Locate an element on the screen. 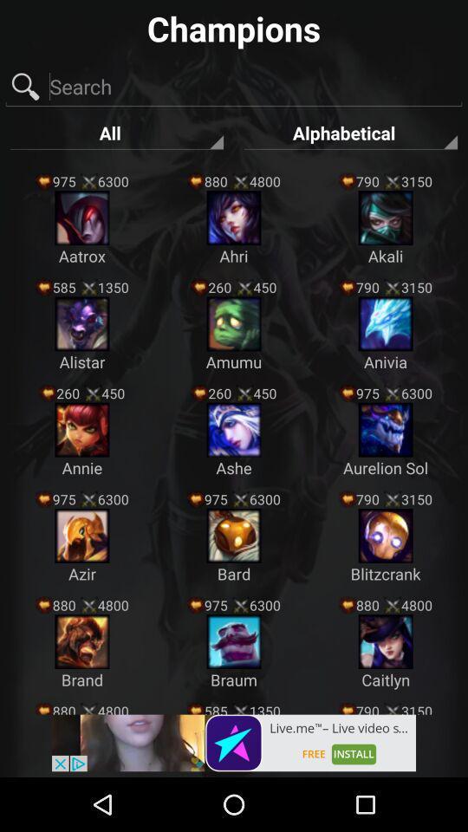  search image is located at coordinates (234, 88).